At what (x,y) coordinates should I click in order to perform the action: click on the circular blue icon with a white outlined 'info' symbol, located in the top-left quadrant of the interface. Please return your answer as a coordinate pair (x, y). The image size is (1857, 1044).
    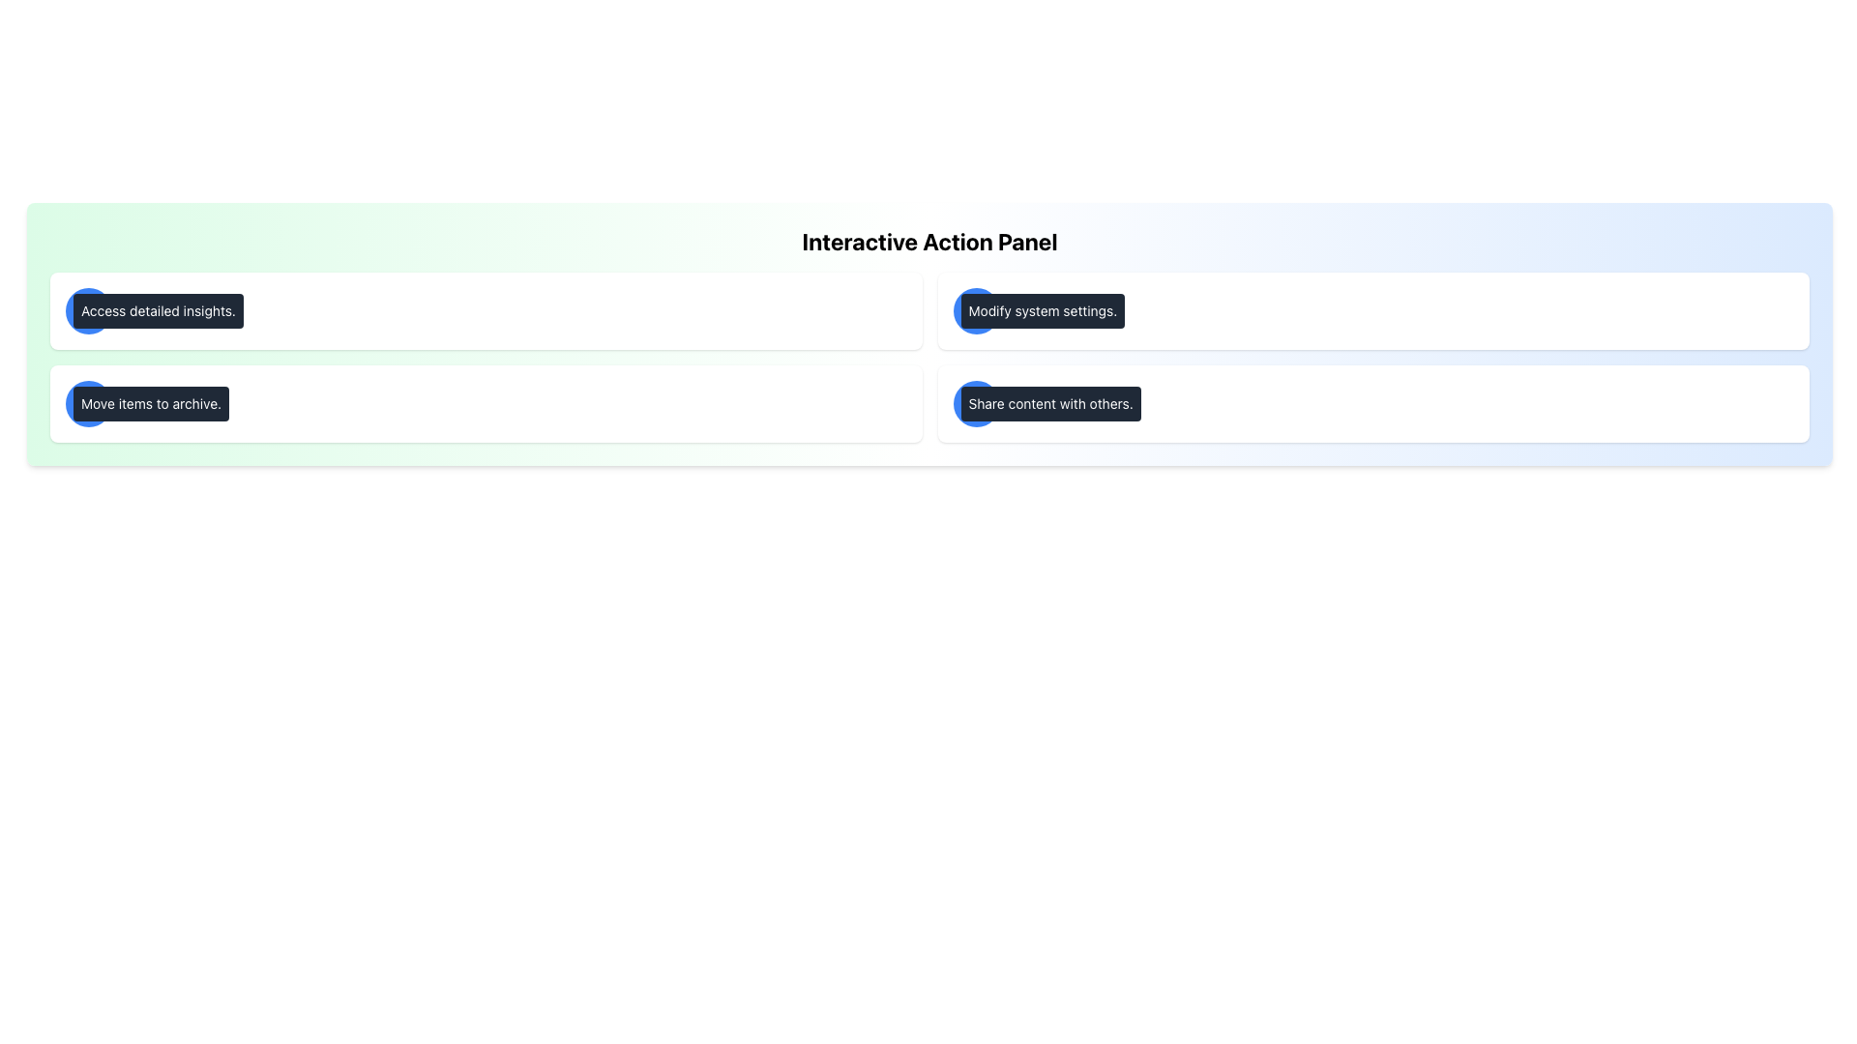
    Looking at the image, I should click on (87, 309).